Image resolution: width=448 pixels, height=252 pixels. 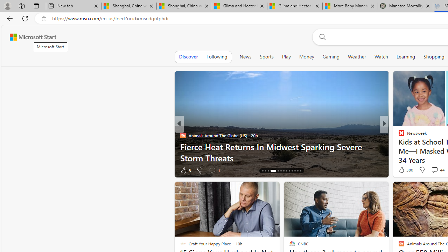 I want to click on 'View comments 16 Comment', so click(x=433, y=170).